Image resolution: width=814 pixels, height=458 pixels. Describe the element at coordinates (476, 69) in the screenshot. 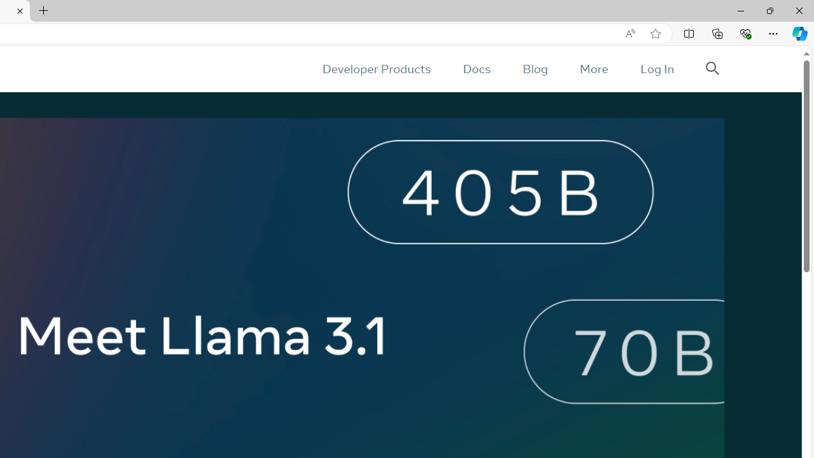

I see `'Docs'` at that location.